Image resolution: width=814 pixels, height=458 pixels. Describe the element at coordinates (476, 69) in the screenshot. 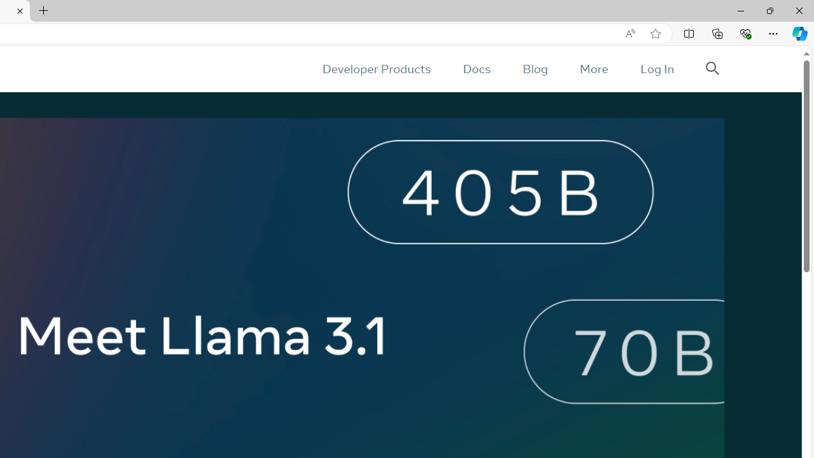

I see `'Docs'` at that location.